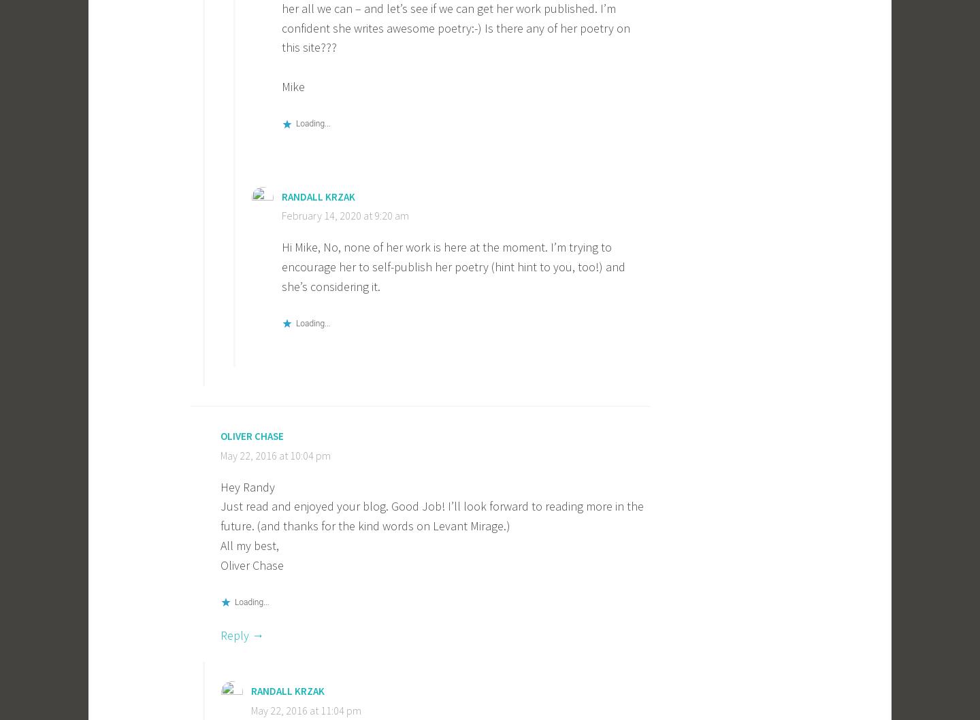  I want to click on 'May 22, 2016 at 11:04 pm', so click(306, 710).